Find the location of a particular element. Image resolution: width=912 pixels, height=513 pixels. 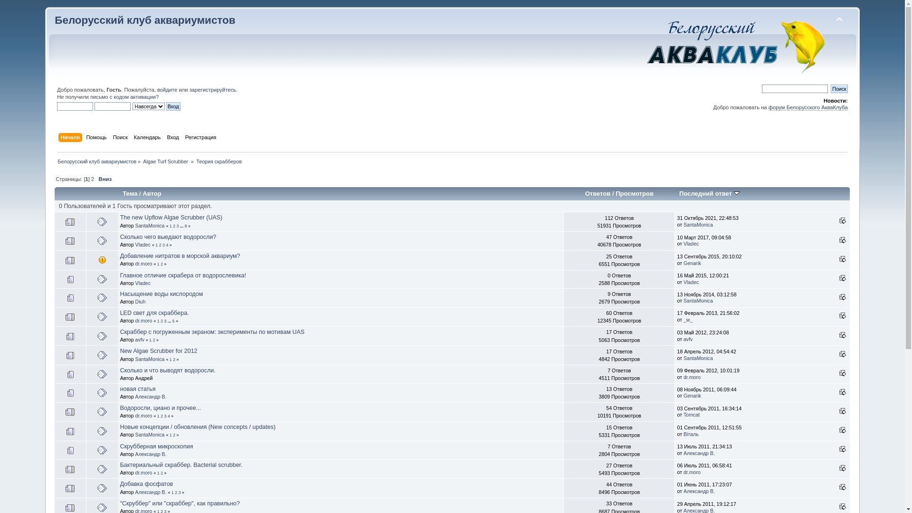

'2' is located at coordinates (154, 340).